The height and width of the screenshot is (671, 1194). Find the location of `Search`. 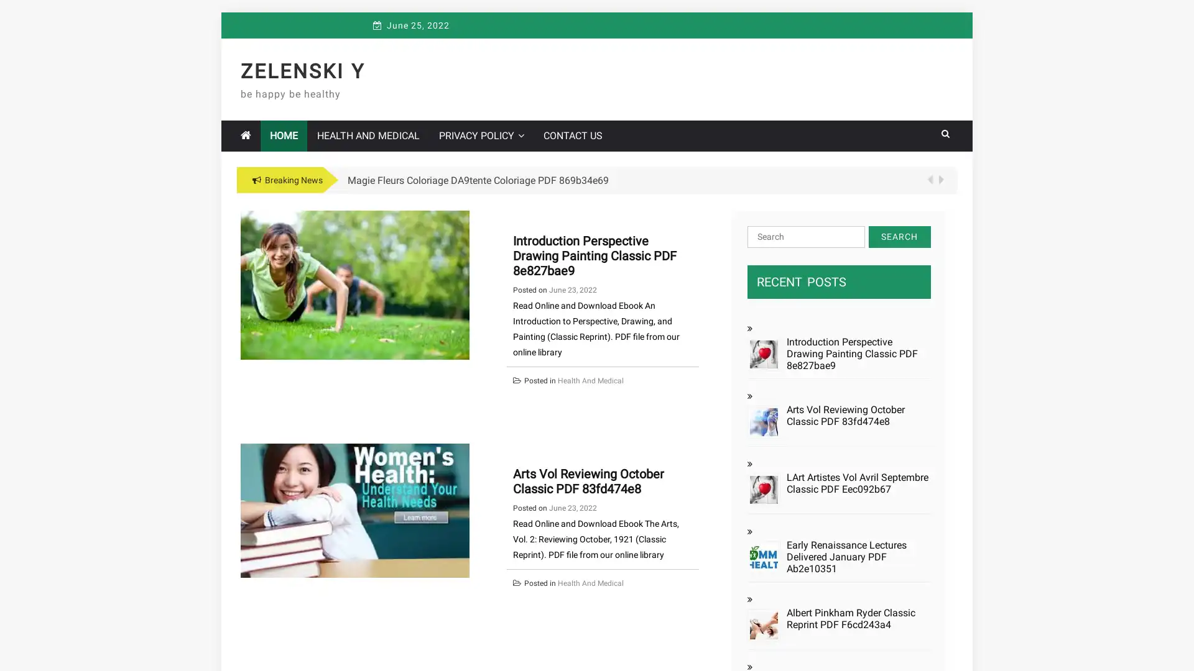

Search is located at coordinates (899, 236).